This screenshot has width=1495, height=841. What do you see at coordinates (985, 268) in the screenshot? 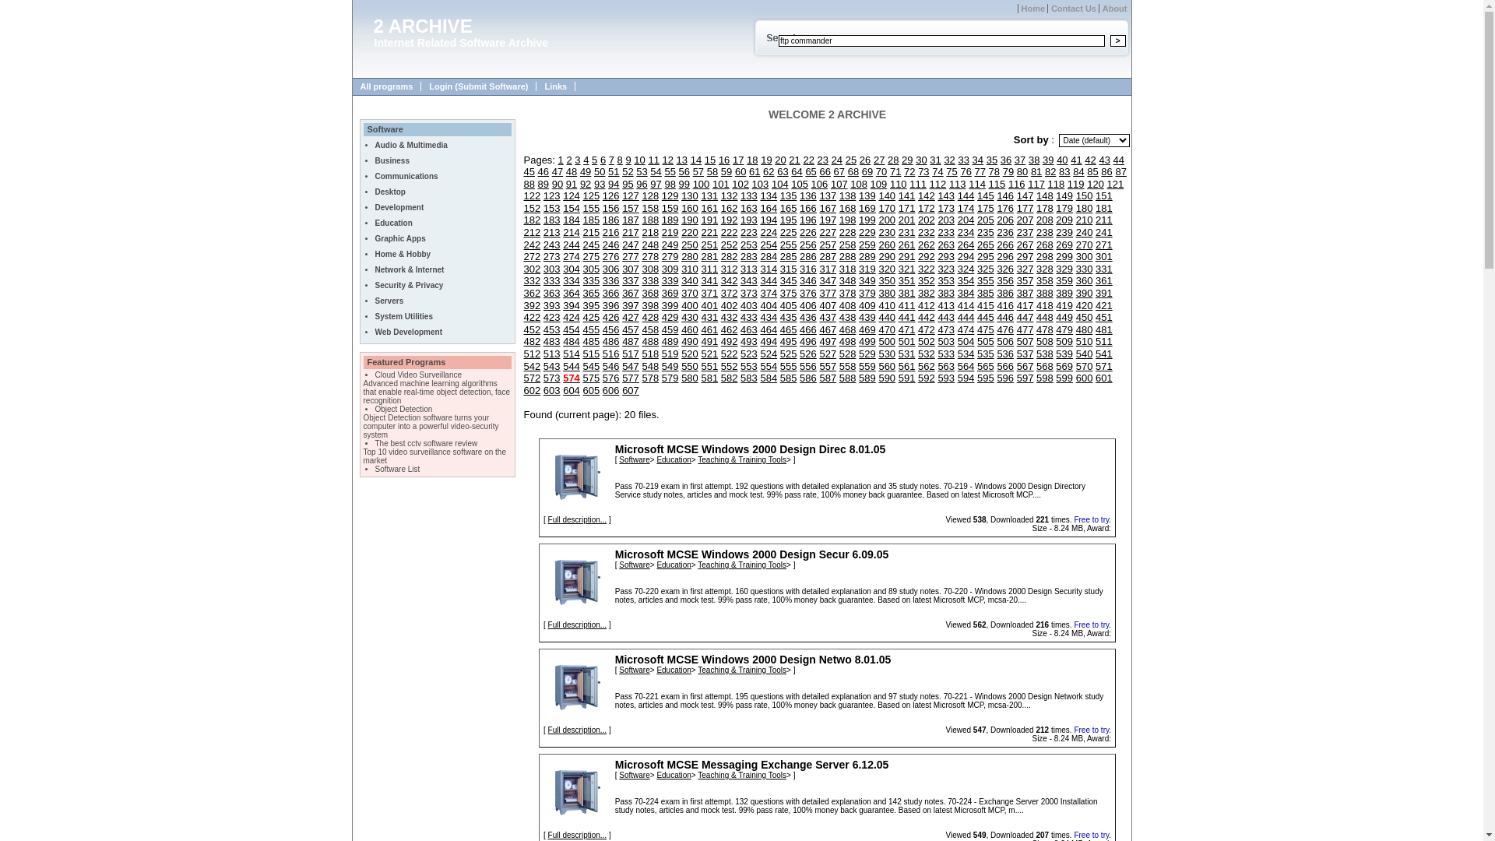
I see `'325'` at bounding box center [985, 268].